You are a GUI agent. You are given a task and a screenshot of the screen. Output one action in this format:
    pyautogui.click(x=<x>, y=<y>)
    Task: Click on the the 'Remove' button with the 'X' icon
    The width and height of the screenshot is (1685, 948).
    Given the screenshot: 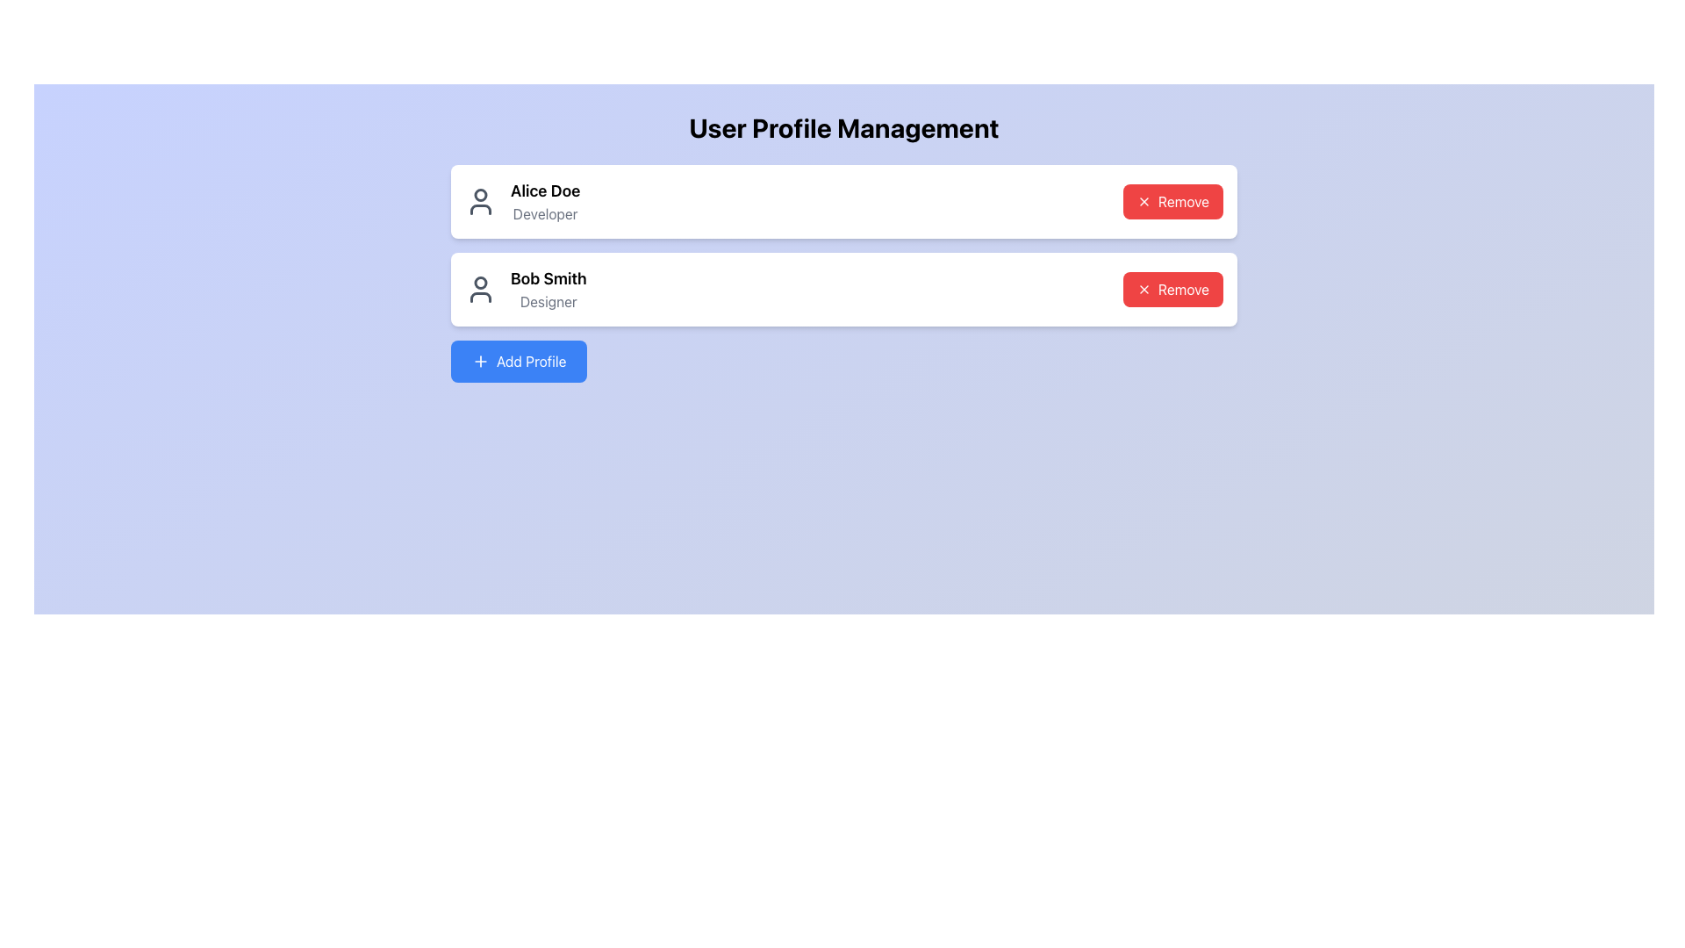 What is the action you would take?
    pyautogui.click(x=1183, y=289)
    